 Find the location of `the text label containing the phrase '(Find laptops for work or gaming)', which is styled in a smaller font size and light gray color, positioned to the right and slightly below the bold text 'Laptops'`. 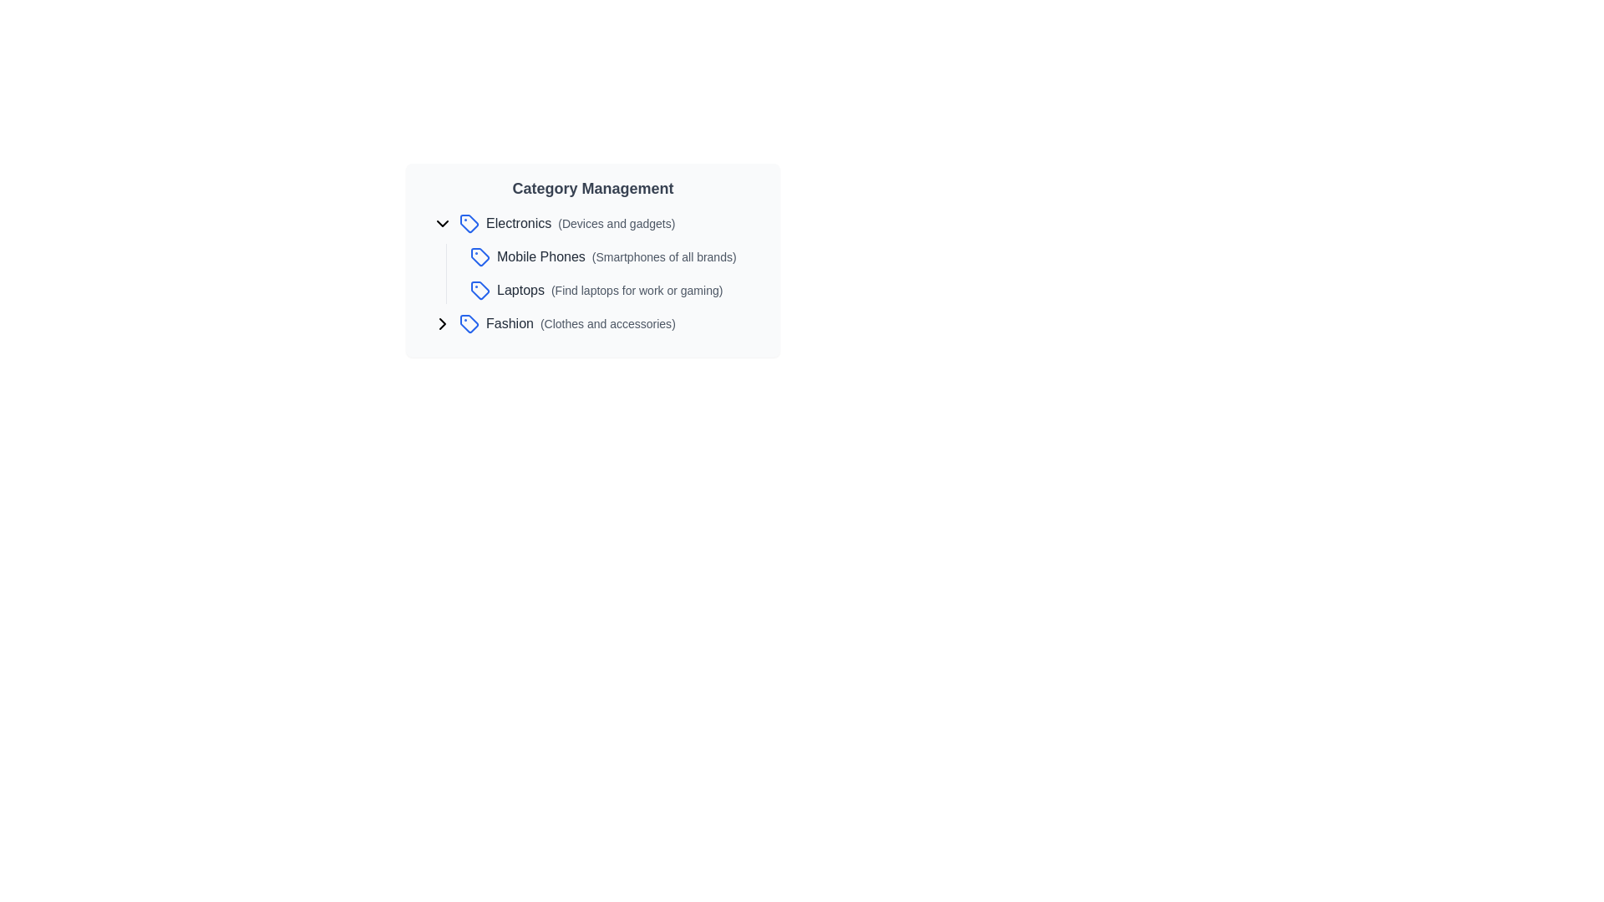

the text label containing the phrase '(Find laptops for work or gaming)', which is styled in a smaller font size and light gray color, positioned to the right and slightly below the bold text 'Laptops' is located at coordinates (636, 289).